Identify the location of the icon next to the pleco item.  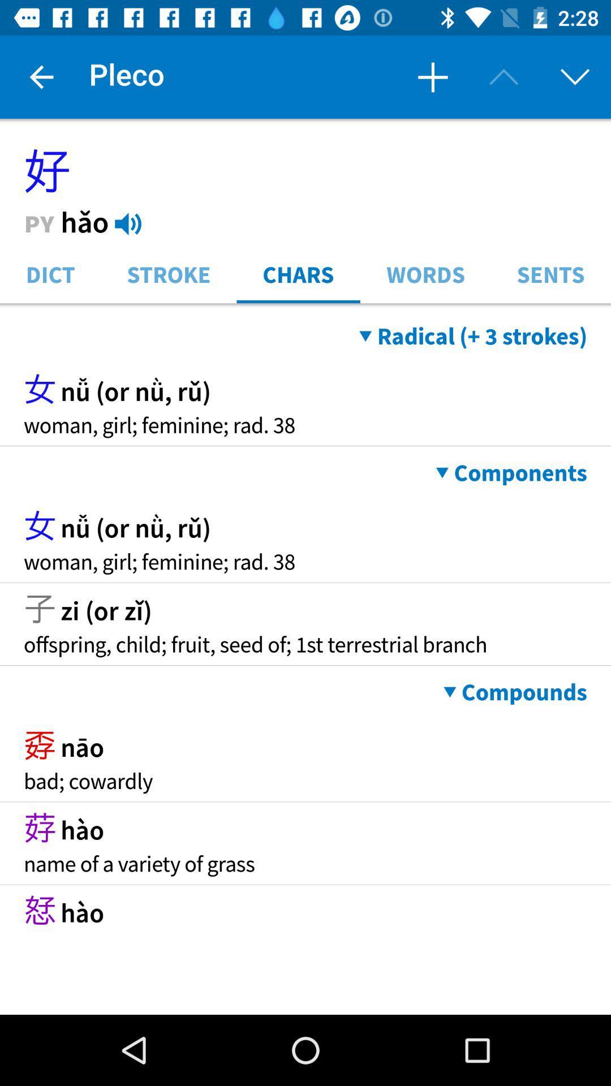
(432, 76).